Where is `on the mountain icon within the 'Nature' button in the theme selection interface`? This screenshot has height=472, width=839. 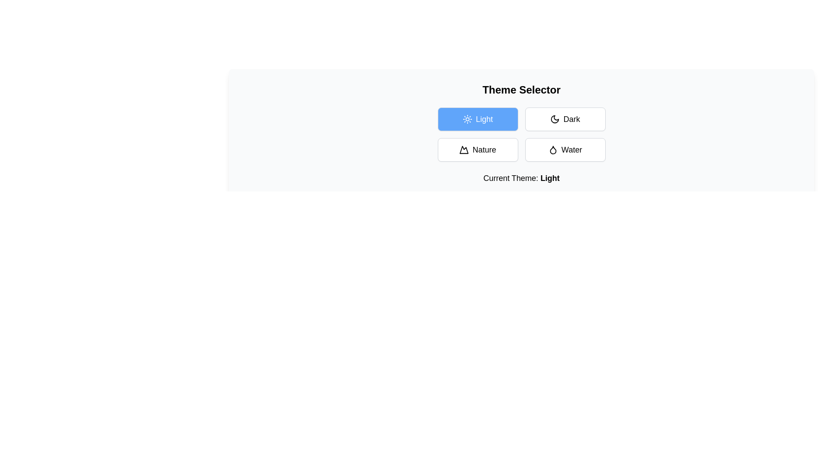 on the mountain icon within the 'Nature' button in the theme selection interface is located at coordinates (464, 149).